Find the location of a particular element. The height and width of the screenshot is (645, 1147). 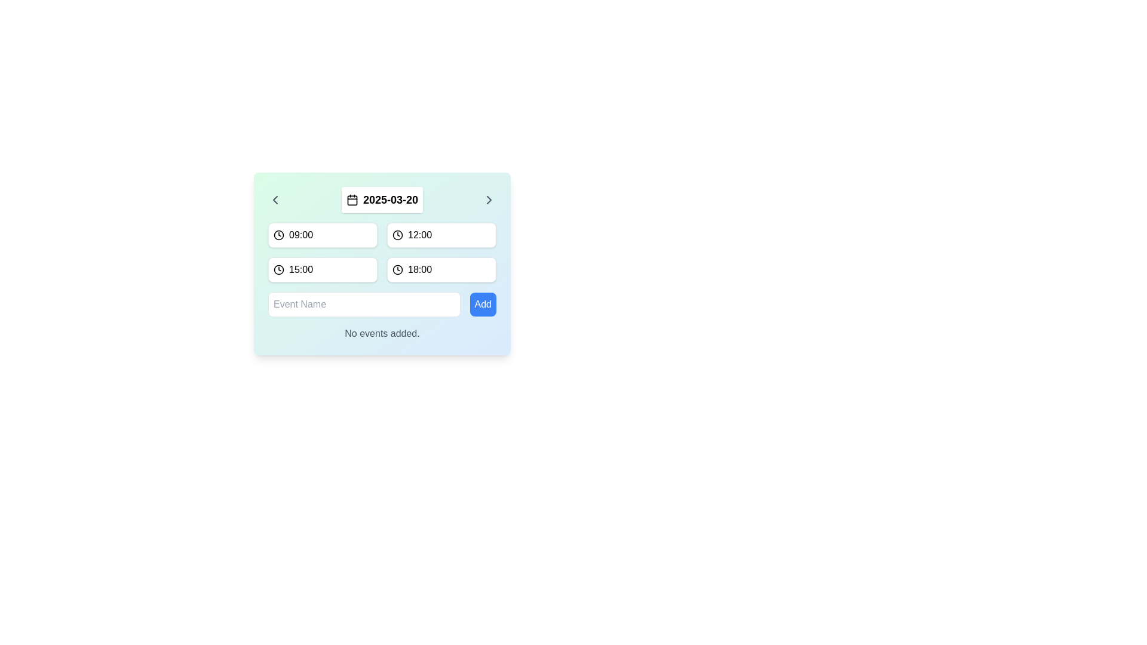

the calendar icon located on the left side of the date label '2025-03-20' to trigger calendar-related actions is located at coordinates (352, 199).